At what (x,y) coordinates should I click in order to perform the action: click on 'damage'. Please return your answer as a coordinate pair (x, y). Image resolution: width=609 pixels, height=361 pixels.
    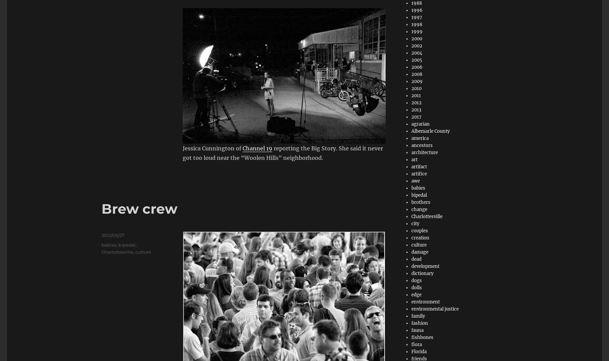
    Looking at the image, I should click on (420, 252).